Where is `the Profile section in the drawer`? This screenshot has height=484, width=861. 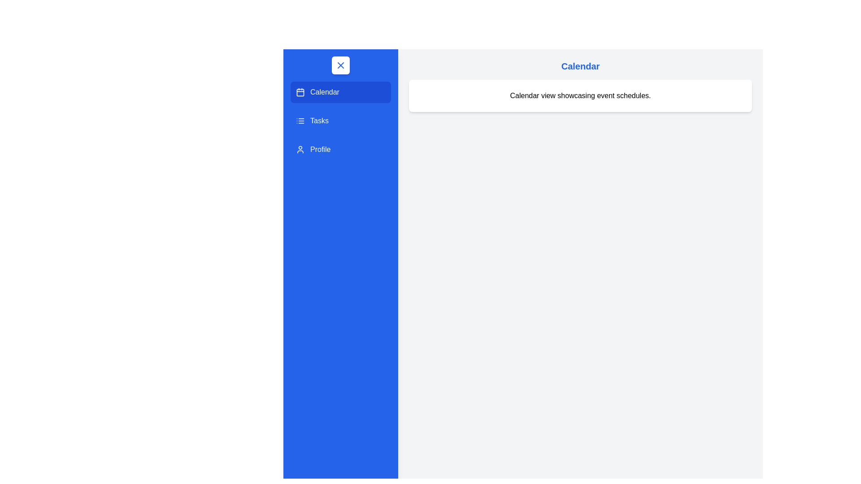 the Profile section in the drawer is located at coordinates (340, 149).